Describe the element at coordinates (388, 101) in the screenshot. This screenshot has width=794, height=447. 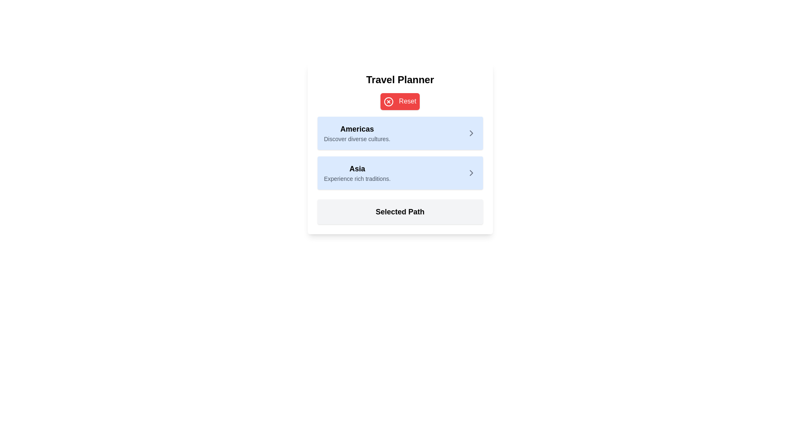
I see `the circular graphical component representing the 'Reset' functionality, located just above the 'Reset' button` at that location.